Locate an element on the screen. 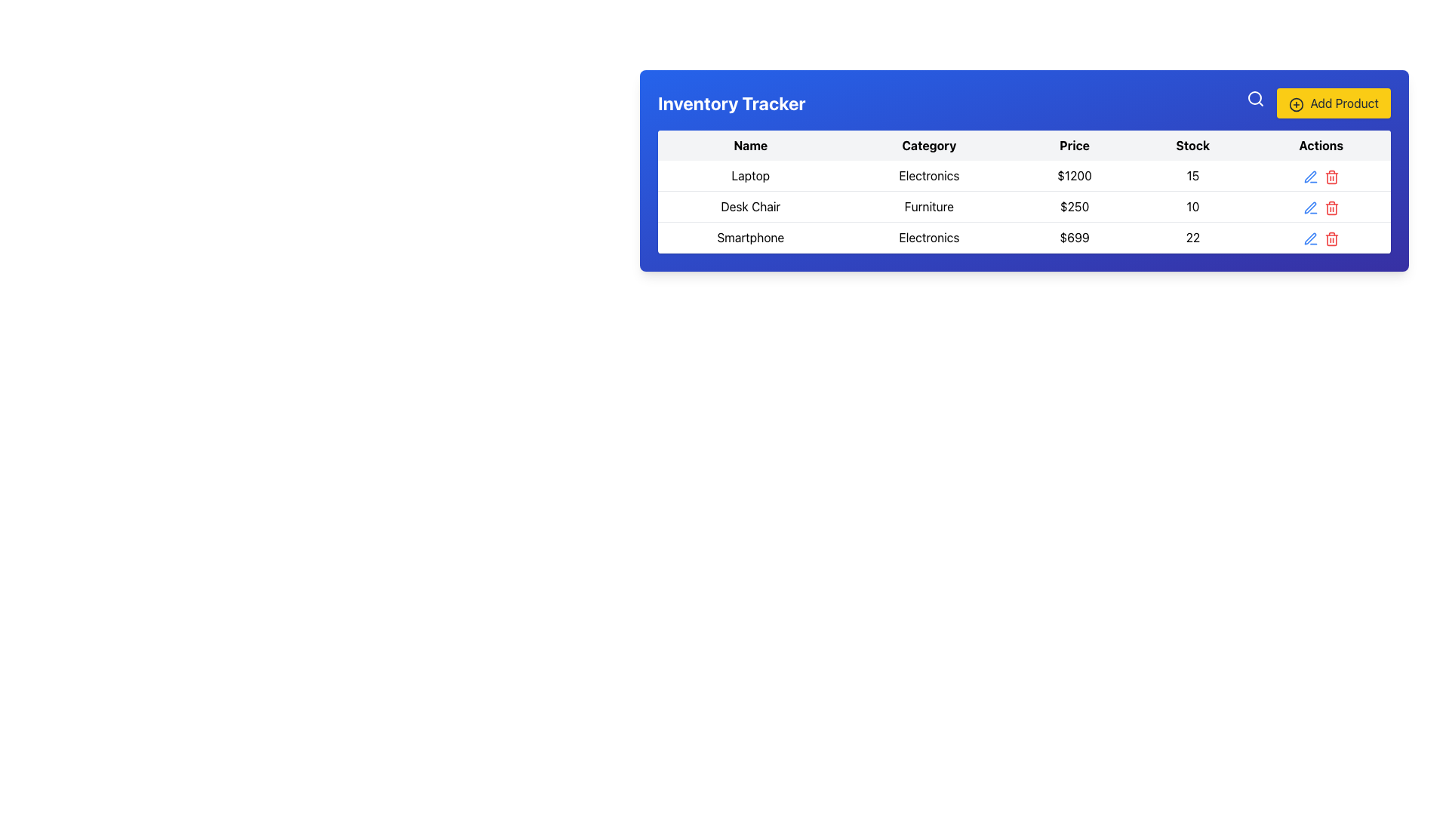 Image resolution: width=1449 pixels, height=815 pixels. the edit button for the 'Smartphone' item located in the 'Actions' column is located at coordinates (1309, 238).